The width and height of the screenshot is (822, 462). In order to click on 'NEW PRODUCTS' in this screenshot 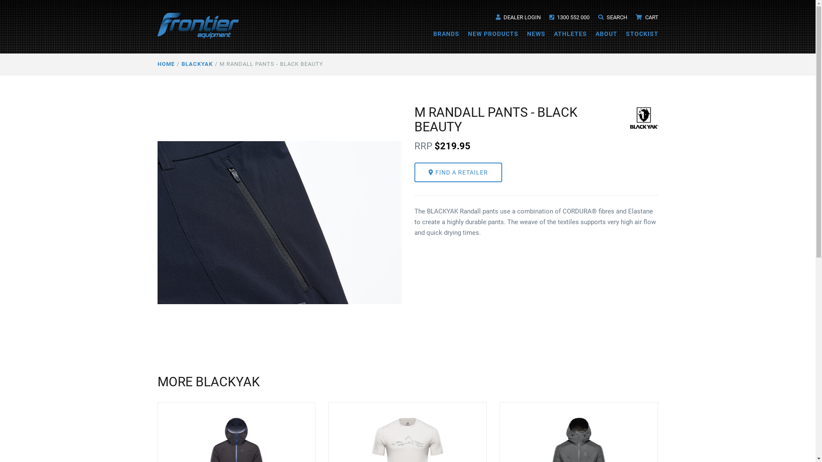, I will do `click(493, 33)`.